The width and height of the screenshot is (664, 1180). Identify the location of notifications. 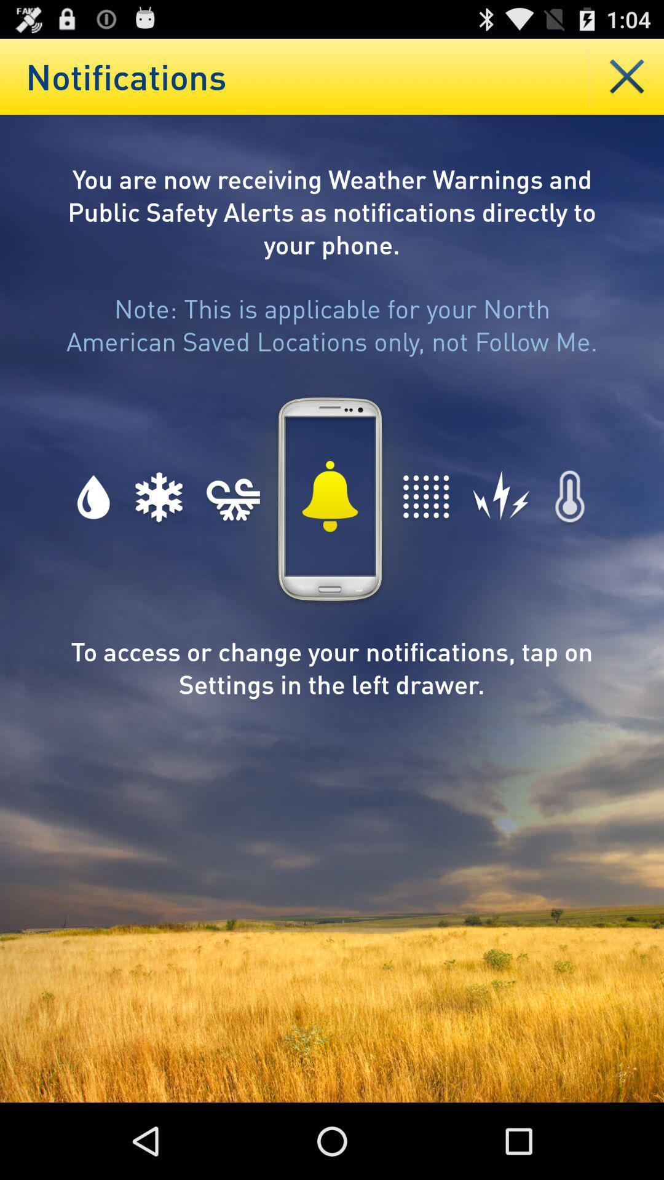
(626, 76).